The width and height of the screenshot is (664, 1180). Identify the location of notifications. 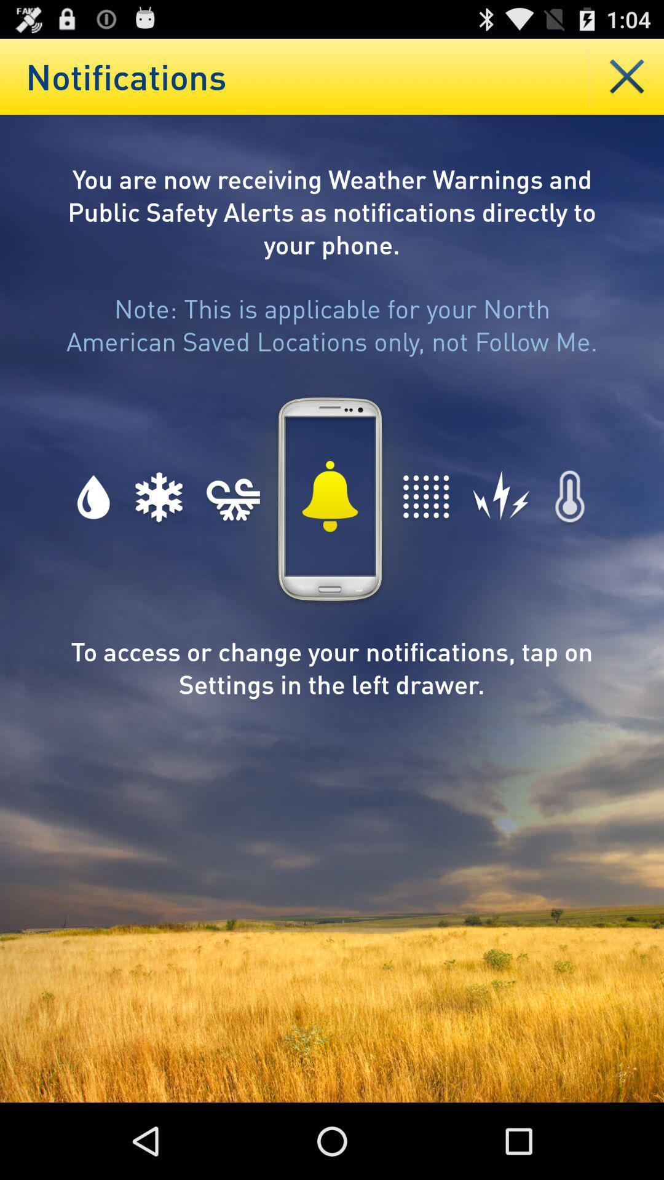
(626, 76).